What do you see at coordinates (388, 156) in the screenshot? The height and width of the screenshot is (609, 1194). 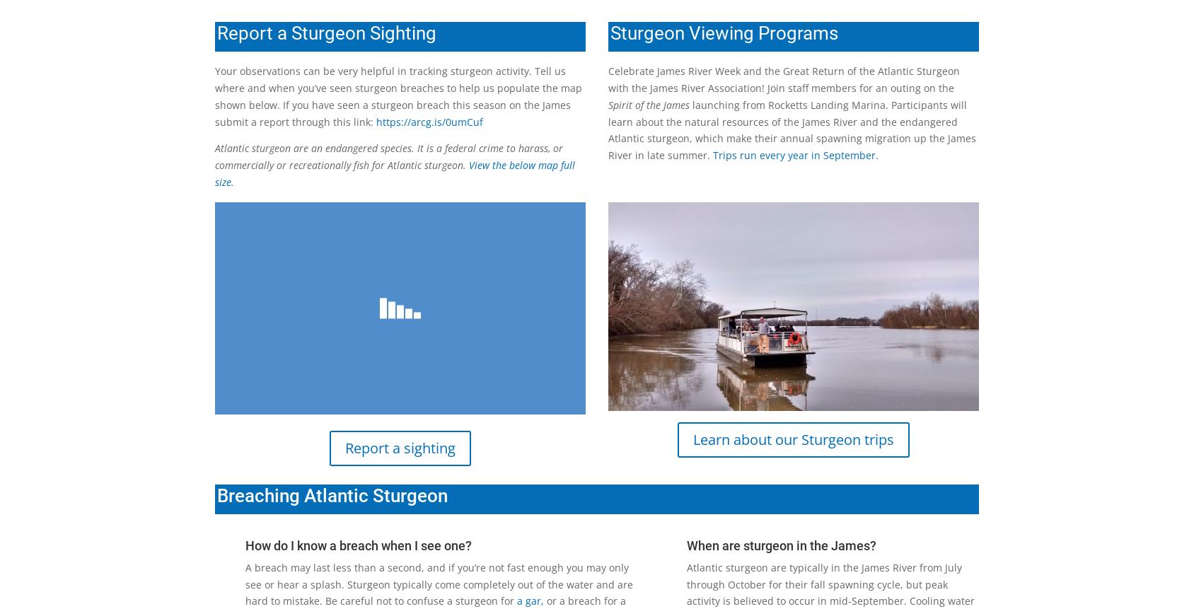 I see `'Atlantic sturgeon are an endangered species. It is a federal crime to harass, or commercially or recreationally fish for Atlantic sturgeon.'` at bounding box center [388, 156].